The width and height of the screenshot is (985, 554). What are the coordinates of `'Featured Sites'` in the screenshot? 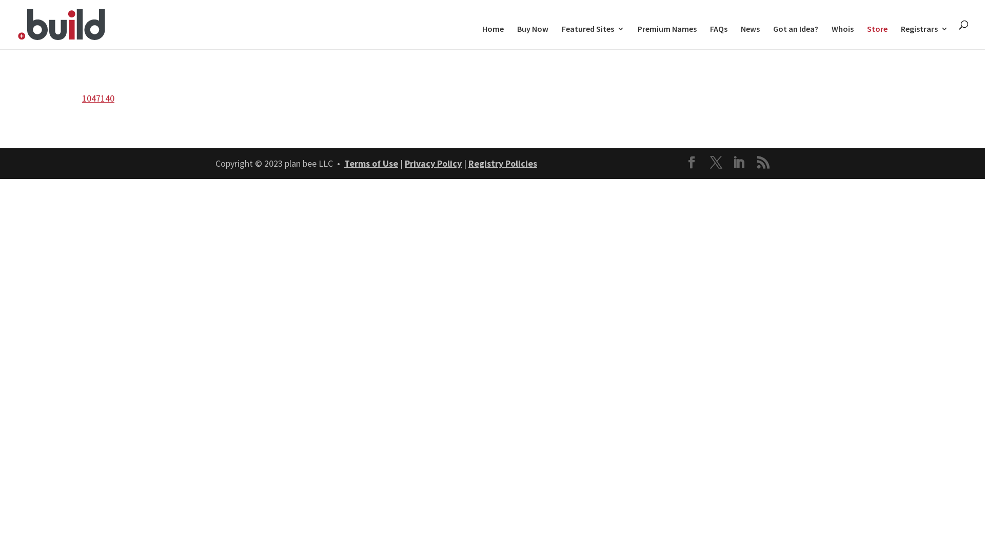 It's located at (593, 36).